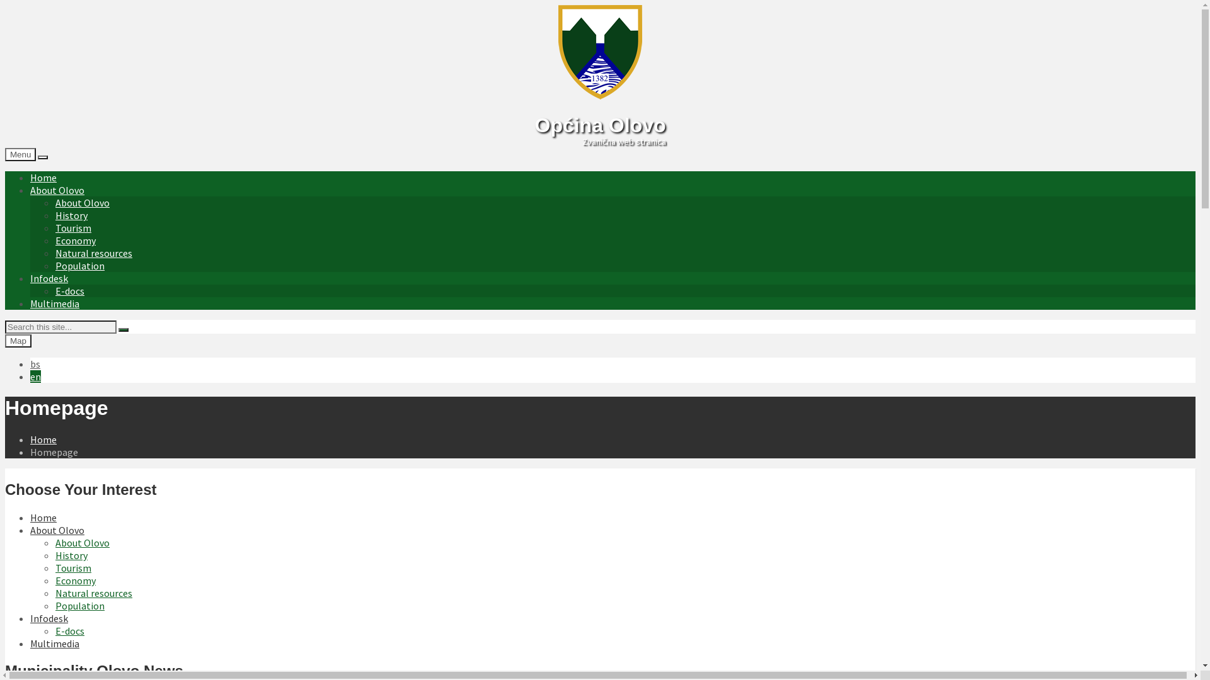  Describe the element at coordinates (43, 517) in the screenshot. I see `'Home'` at that location.